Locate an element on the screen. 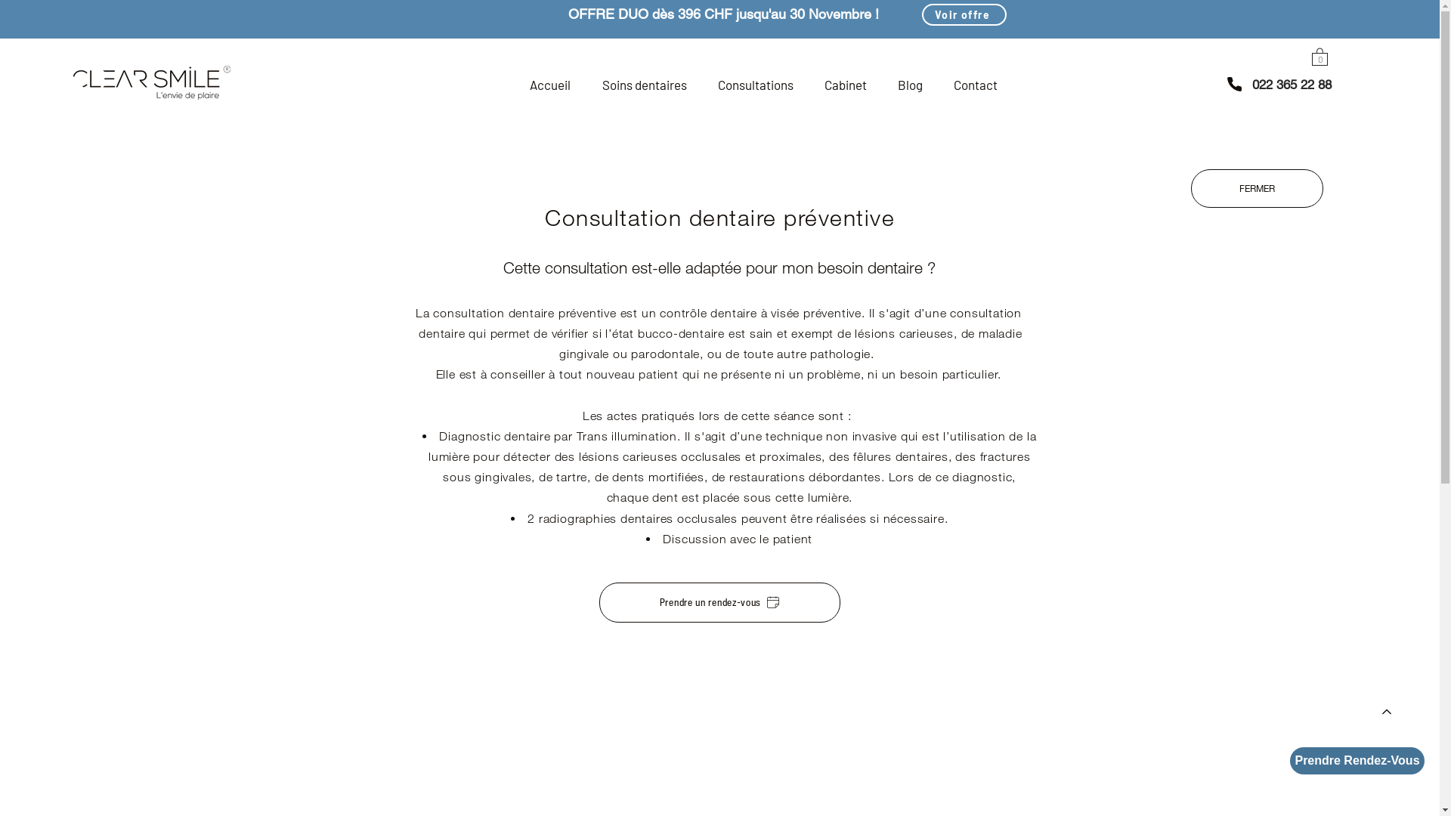 This screenshot has height=816, width=1451. 'Voir offre' is located at coordinates (964, 14).